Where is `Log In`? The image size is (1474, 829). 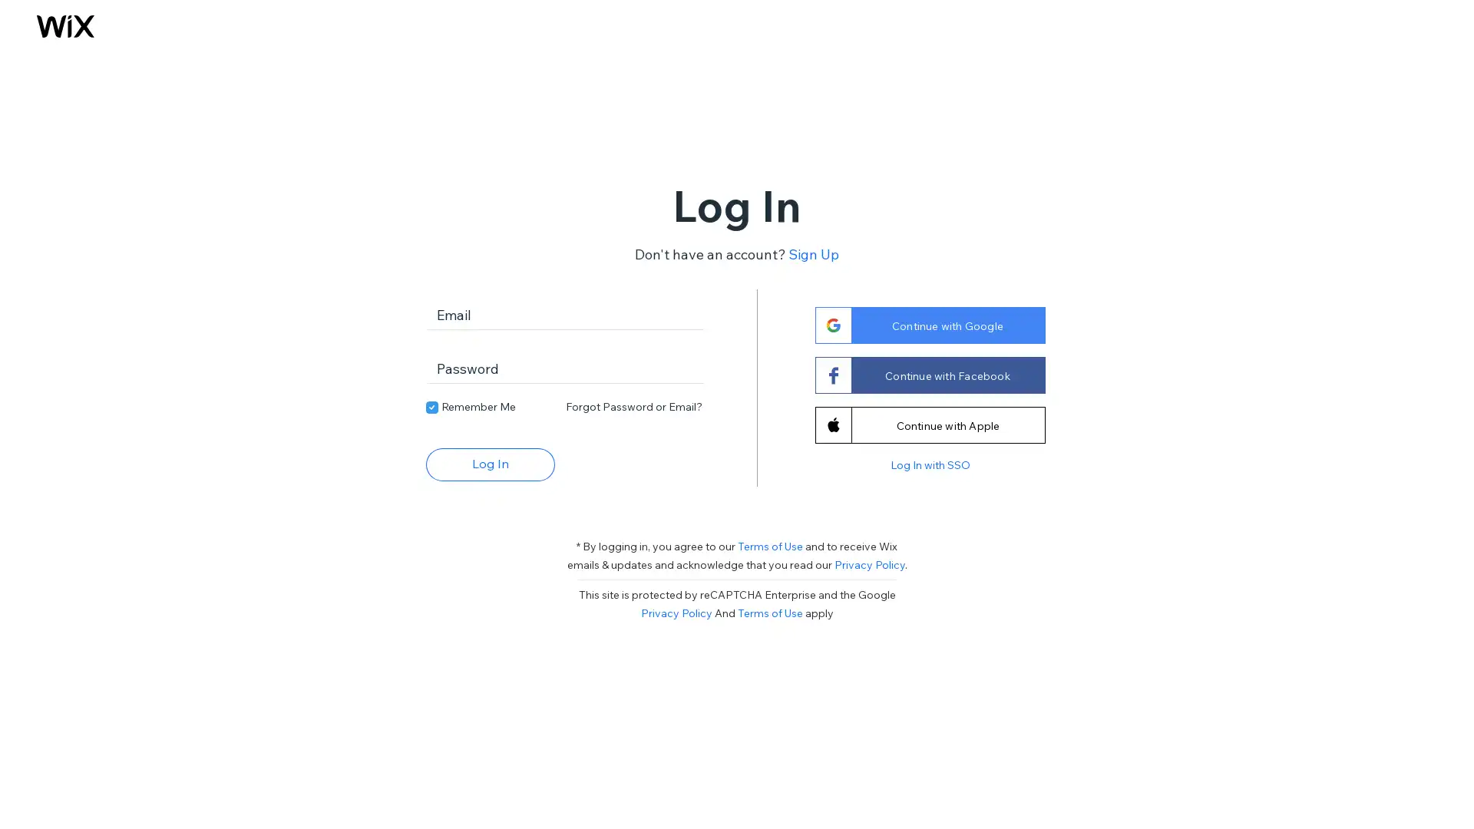 Log In is located at coordinates (489, 463).